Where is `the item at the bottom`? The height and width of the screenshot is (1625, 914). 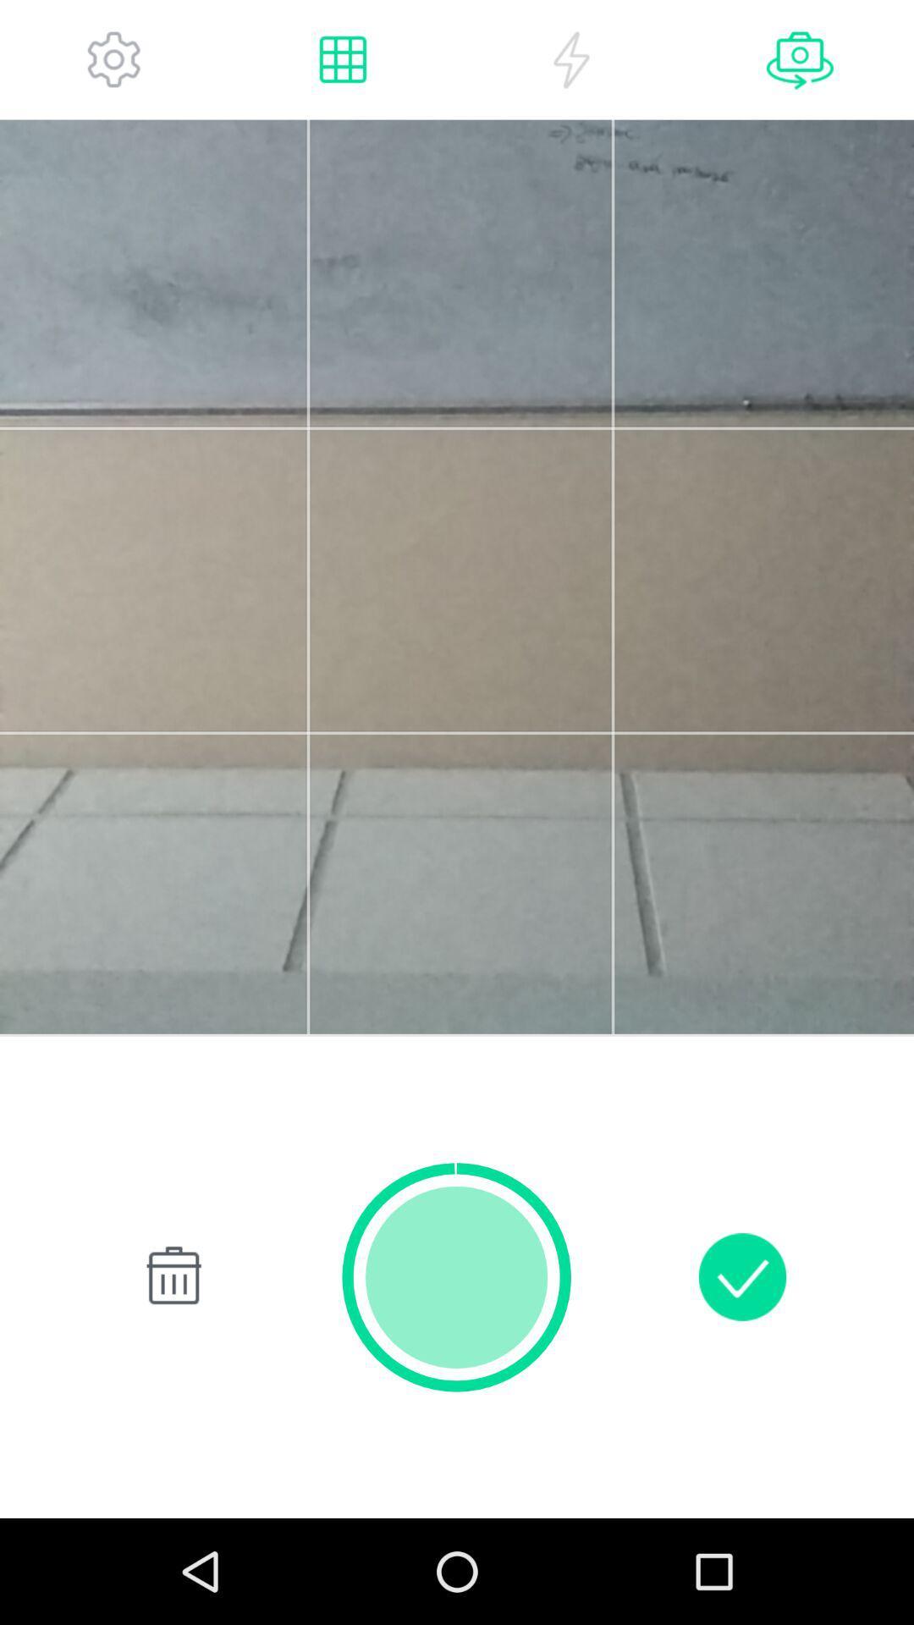
the item at the bottom is located at coordinates (455, 1277).